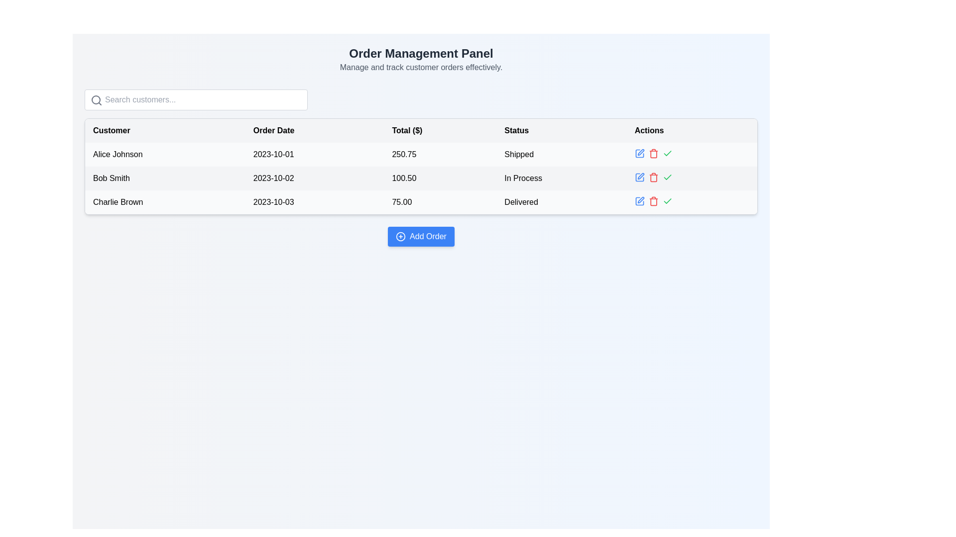 The height and width of the screenshot is (537, 956). Describe the element at coordinates (667, 177) in the screenshot. I see `the green checkmark icon button in the third row under the 'Actions' column of the table to confirm an action` at that location.